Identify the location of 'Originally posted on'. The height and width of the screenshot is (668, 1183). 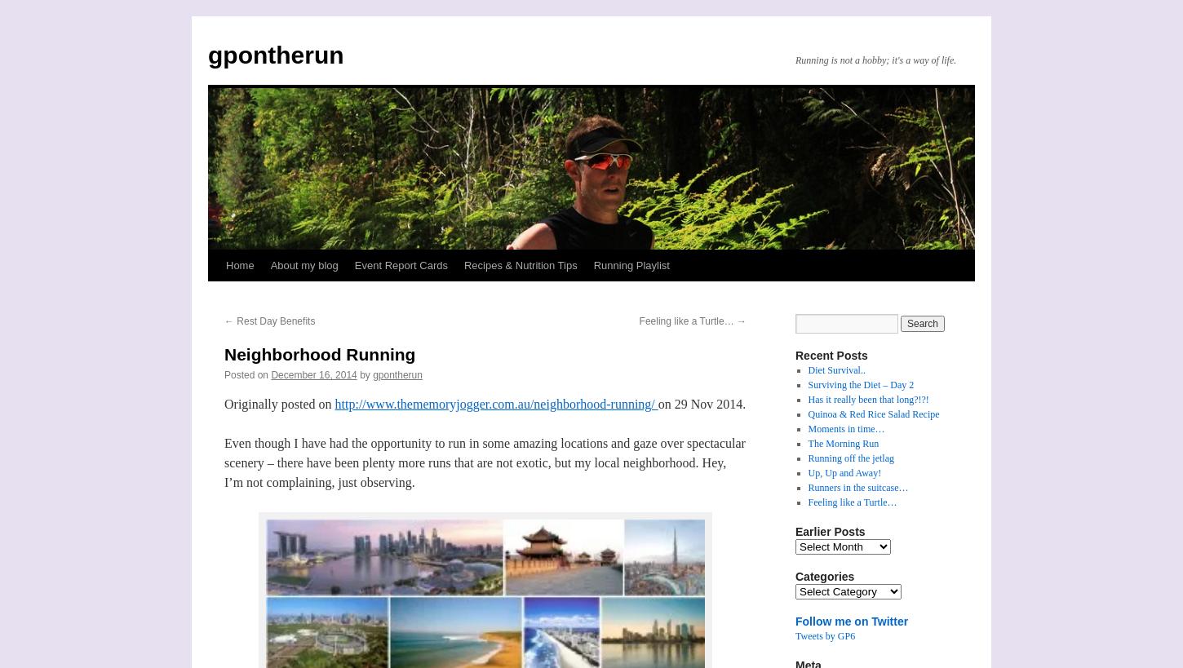
(279, 403).